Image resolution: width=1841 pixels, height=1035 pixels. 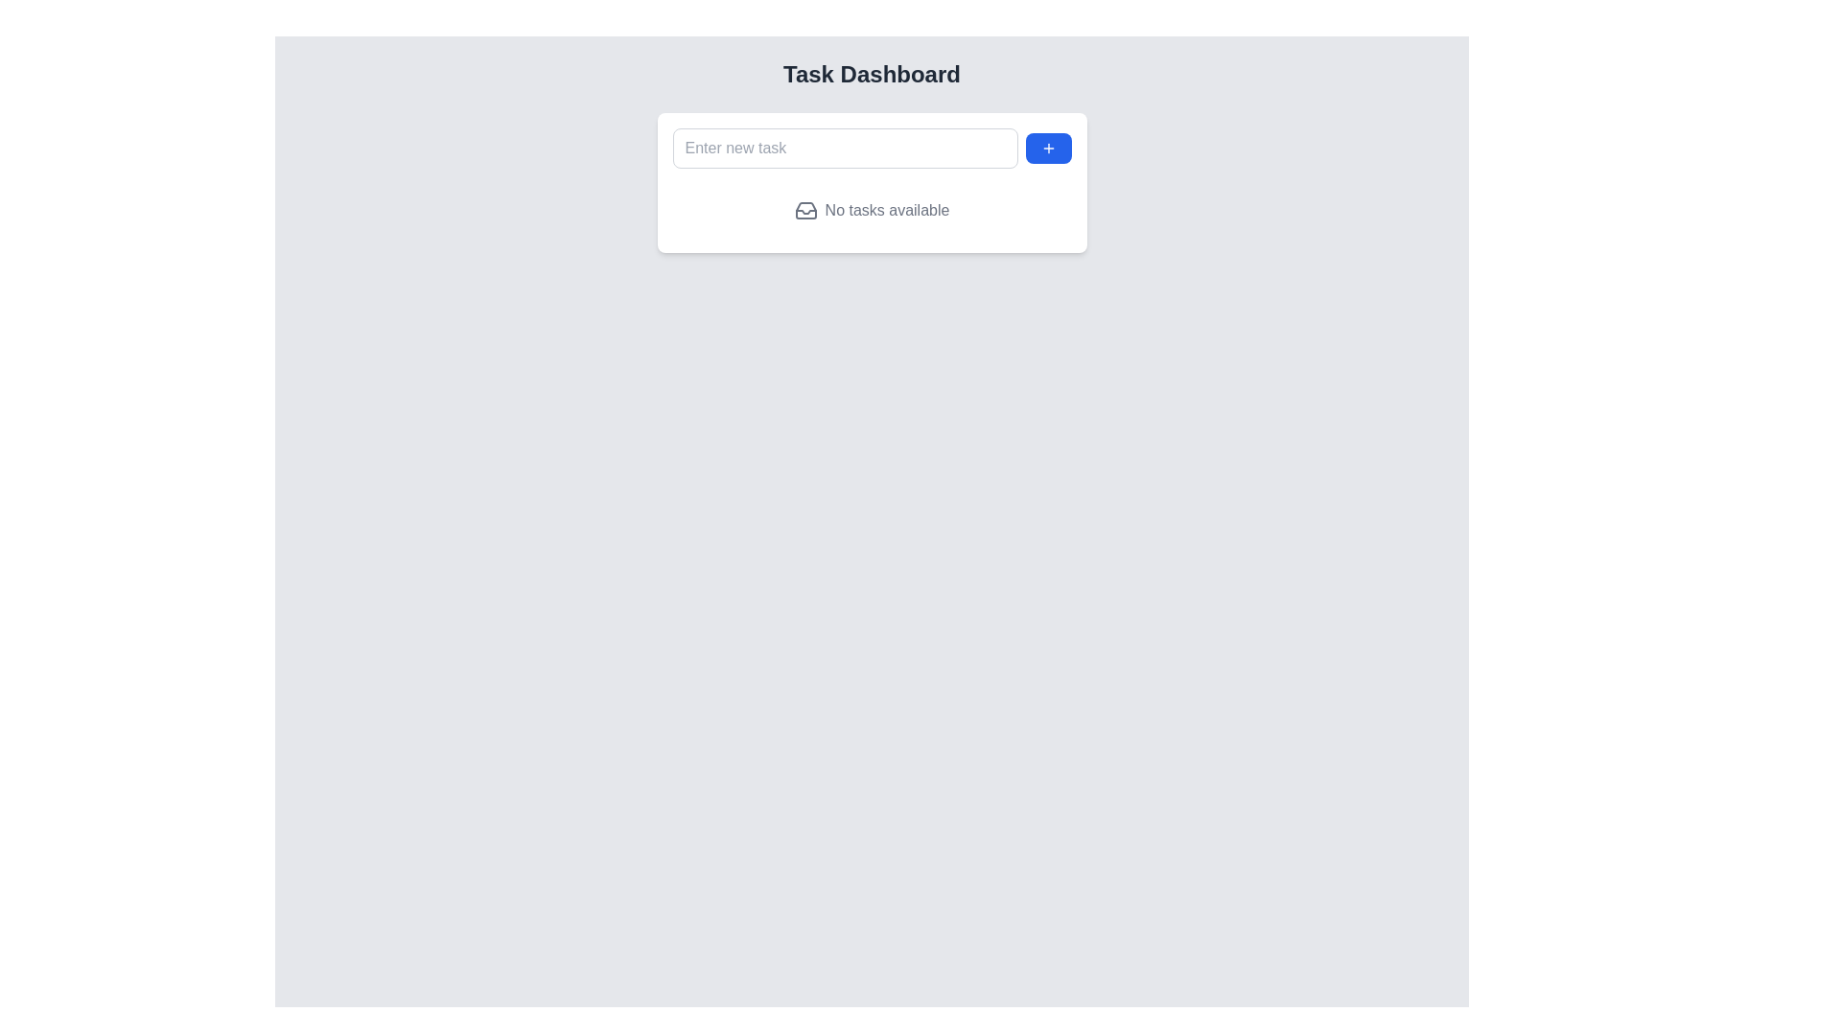 I want to click on text from the Header element labeled 'Task Dashboard', which is prominently styled with bold and enlarged font, centered near the top of the interface, so click(x=871, y=73).